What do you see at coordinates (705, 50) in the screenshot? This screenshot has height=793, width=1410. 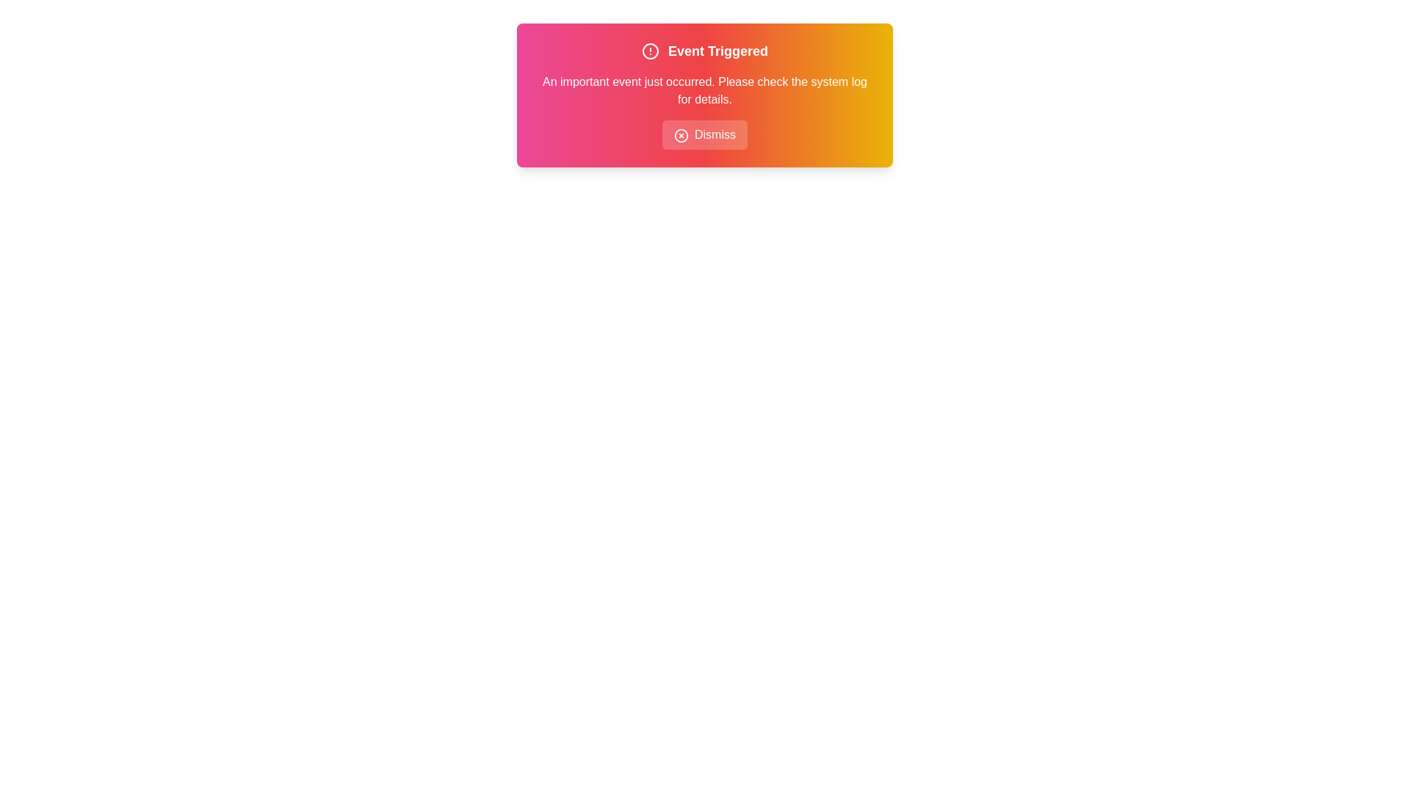 I see `the 'Event Triggered' label with icon, which features bold white text and a circular alert icon, to review its tooltip or other effects` at bounding box center [705, 50].